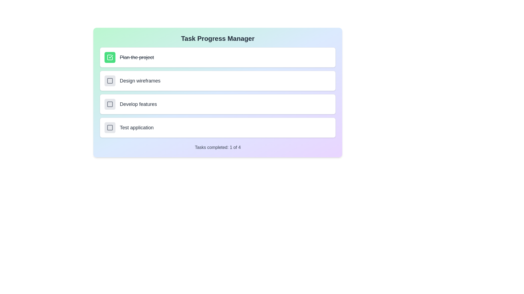 This screenshot has height=294, width=524. Describe the element at coordinates (140, 81) in the screenshot. I see `the static text label displaying 'Design wireframes', which is styled with a medium-sized font and dark gray color, located to the right of a checkbox-like icon in the second list item` at that location.